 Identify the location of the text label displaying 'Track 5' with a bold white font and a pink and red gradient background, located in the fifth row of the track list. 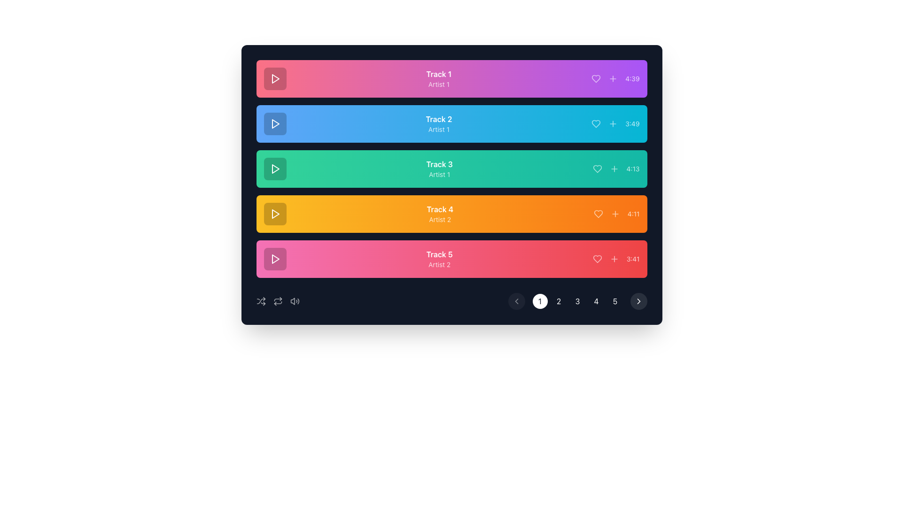
(439, 254).